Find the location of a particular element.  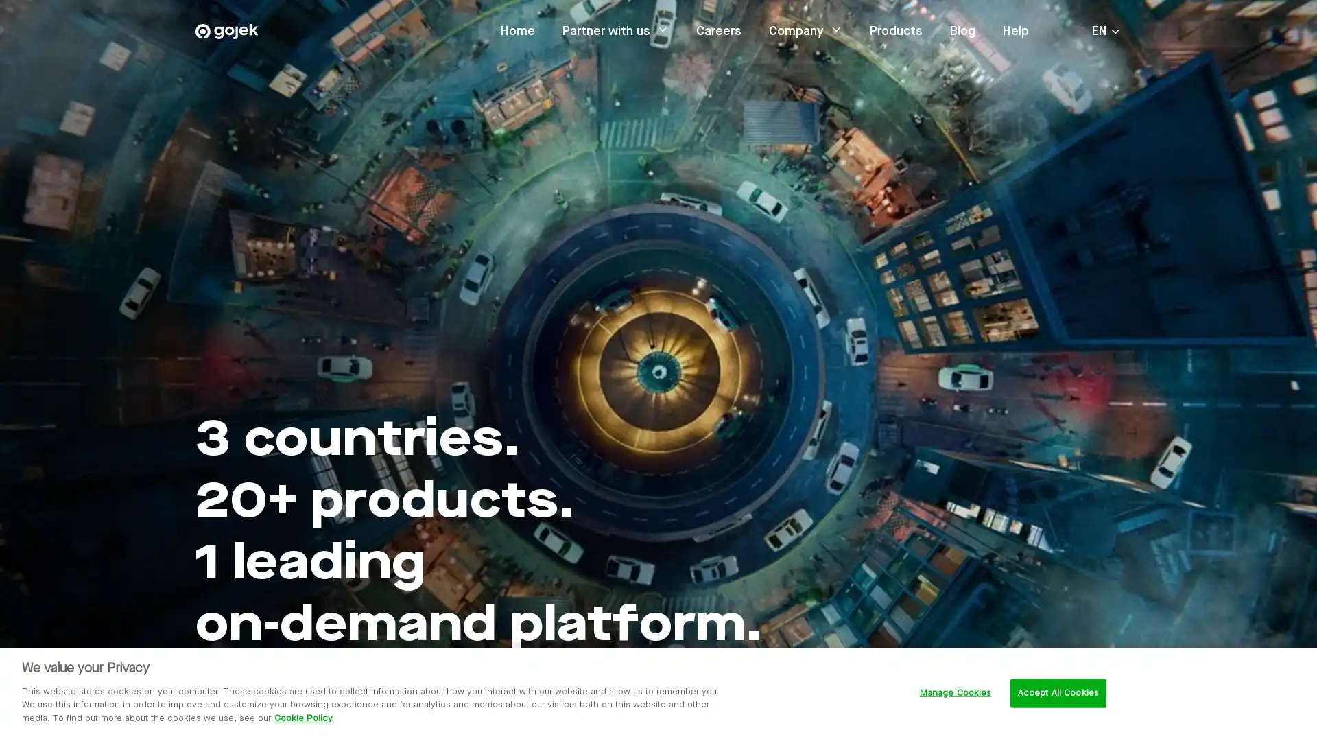

Accept All Cookies is located at coordinates (1057, 693).